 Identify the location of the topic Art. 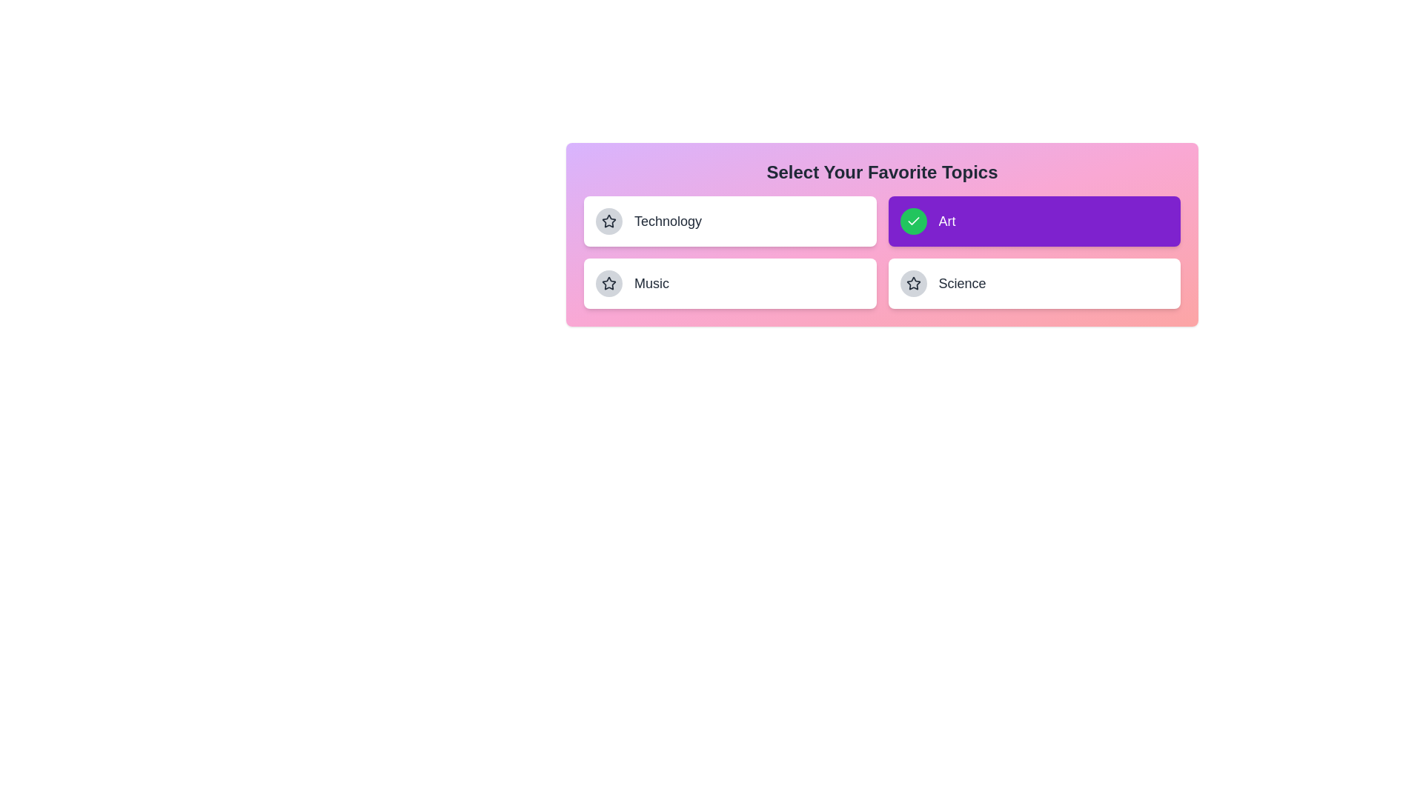
(1033, 221).